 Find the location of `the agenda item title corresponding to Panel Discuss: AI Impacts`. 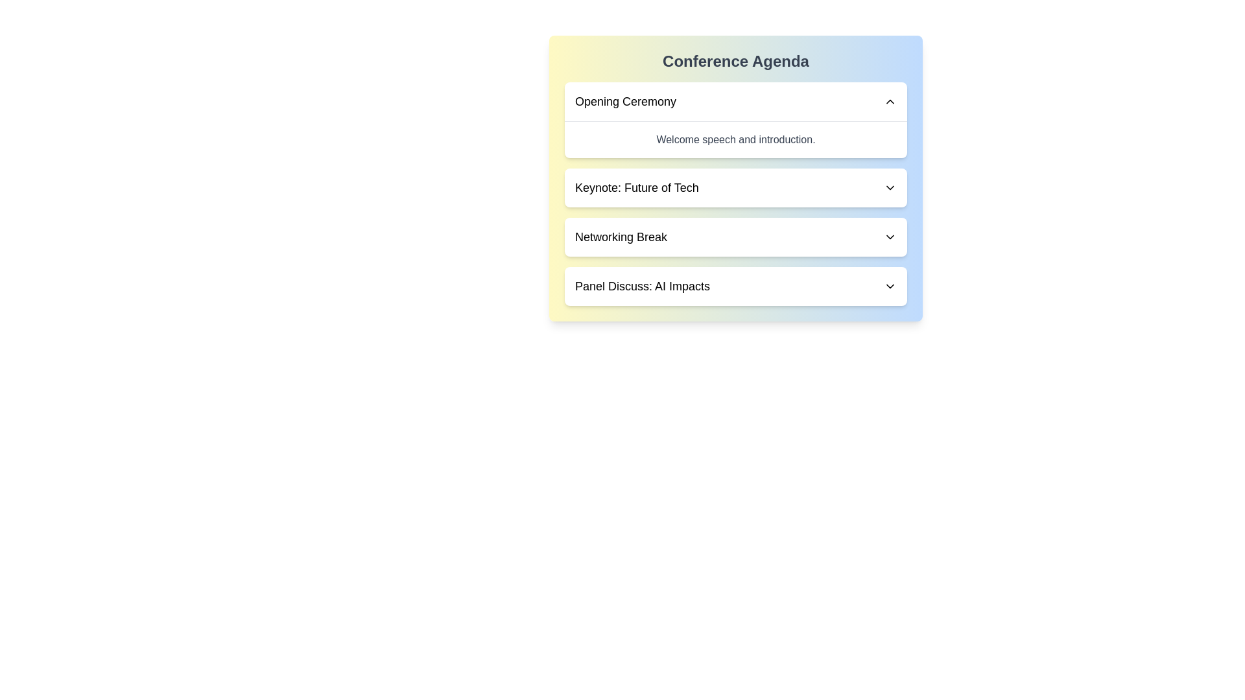

the agenda item title corresponding to Panel Discuss: AI Impacts is located at coordinates (642, 286).